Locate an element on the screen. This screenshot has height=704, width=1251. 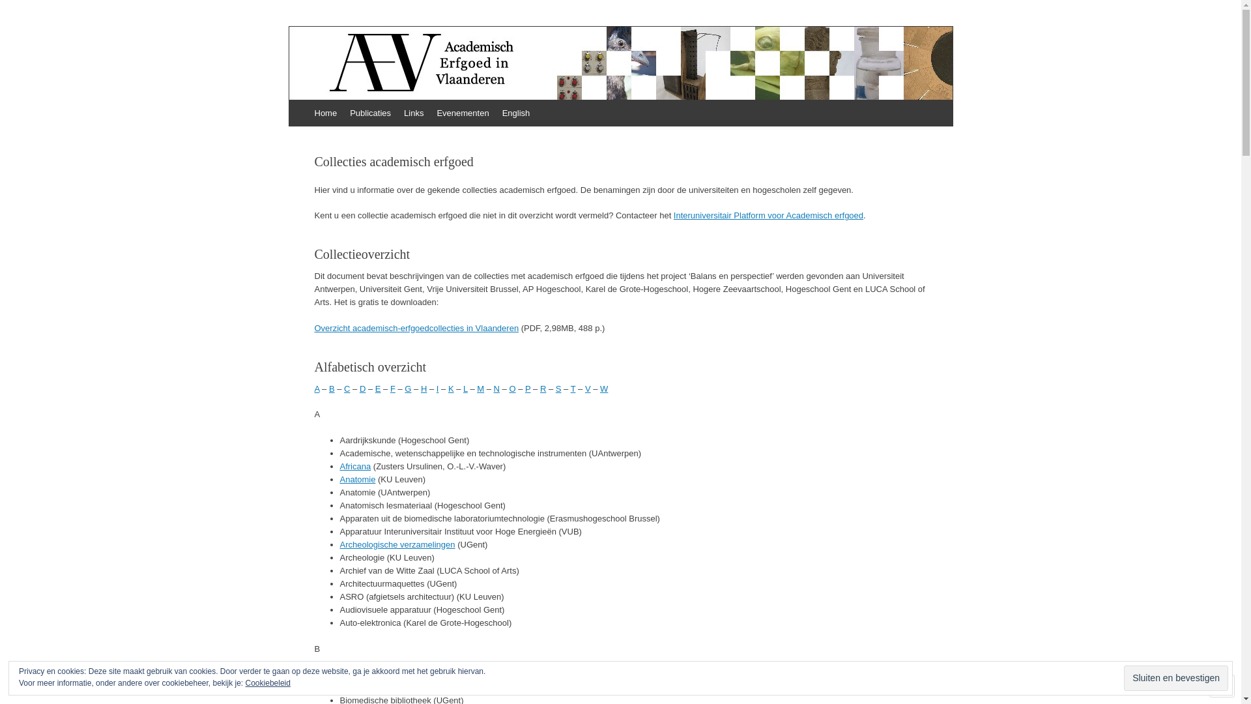
'S' is located at coordinates (558, 387).